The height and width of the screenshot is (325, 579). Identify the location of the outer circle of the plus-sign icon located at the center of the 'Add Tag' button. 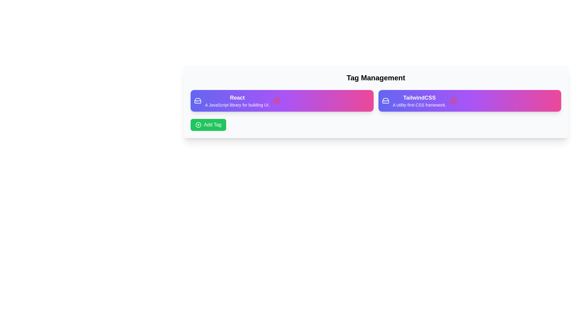
(198, 125).